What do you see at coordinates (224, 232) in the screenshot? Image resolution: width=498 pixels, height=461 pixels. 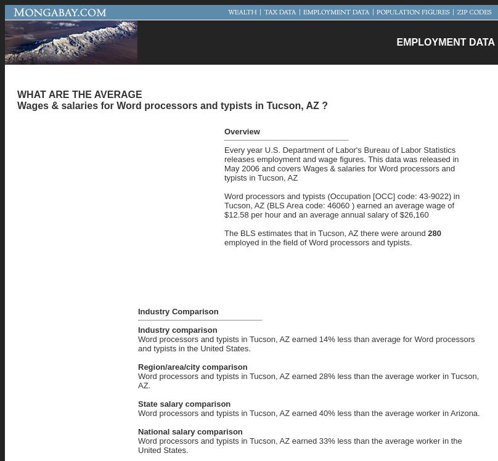 I see `'The BLS estimates that in Tucson, AZ there were around'` at bounding box center [224, 232].